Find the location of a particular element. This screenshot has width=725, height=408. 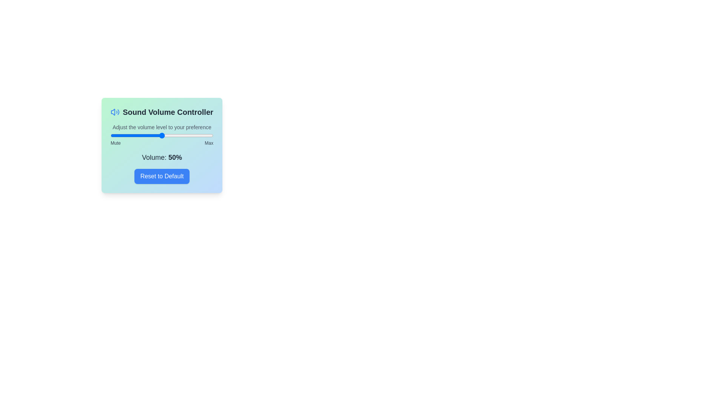

the volume to 37 percent by dragging the slider is located at coordinates (148, 135).